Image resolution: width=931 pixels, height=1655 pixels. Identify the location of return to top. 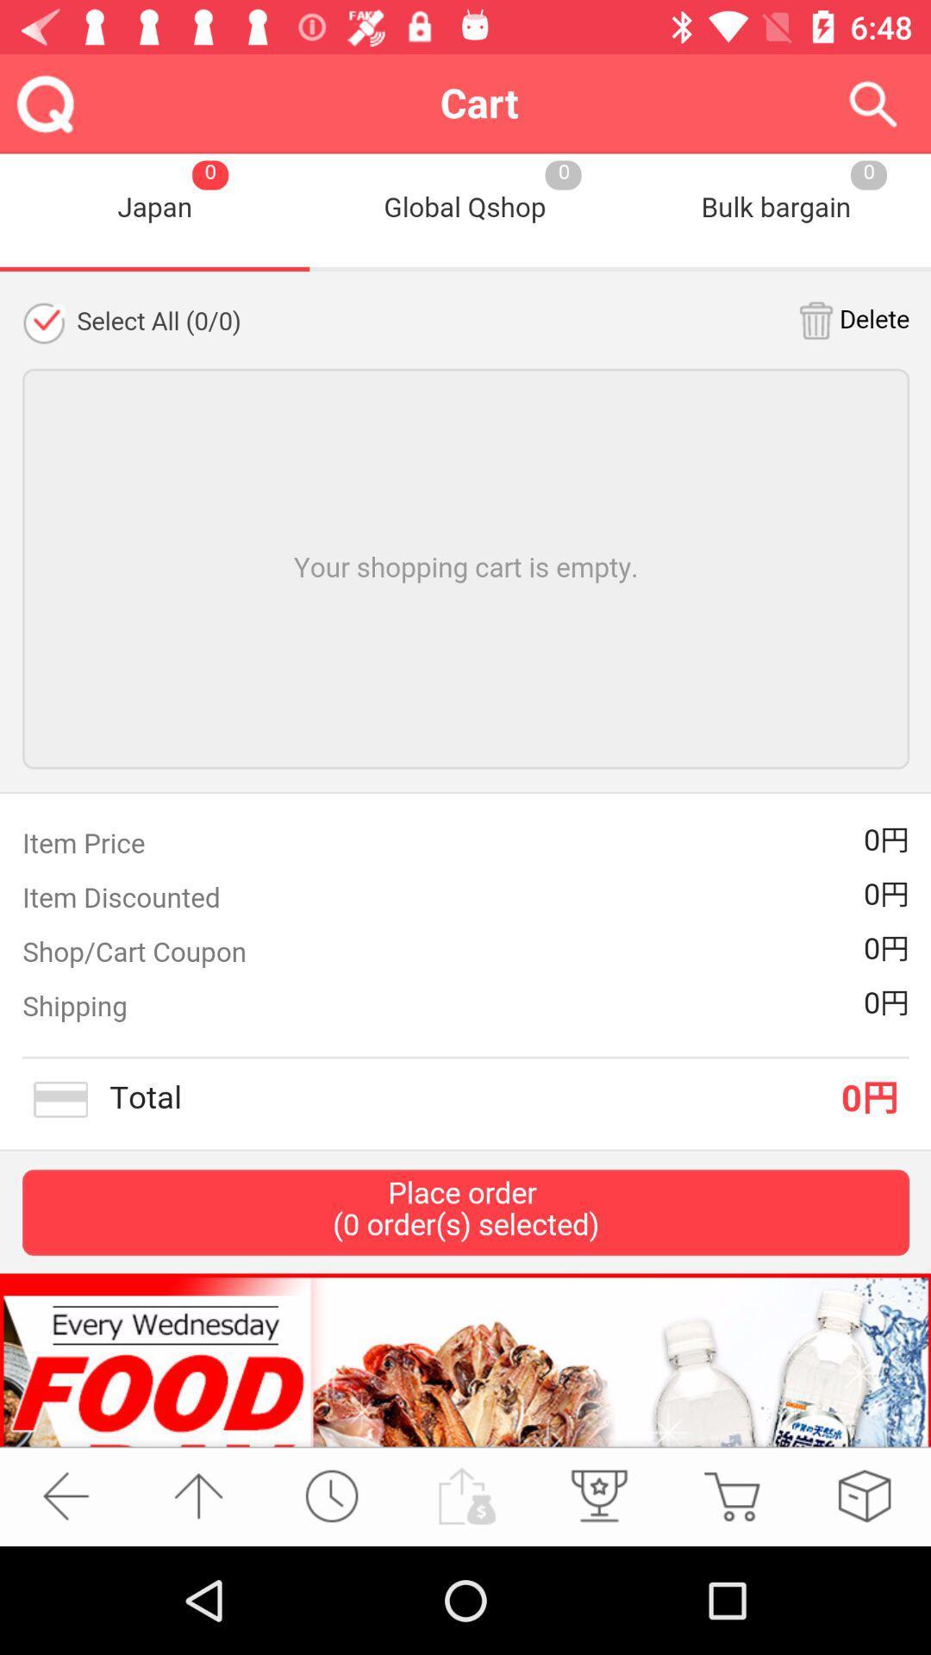
(197, 1495).